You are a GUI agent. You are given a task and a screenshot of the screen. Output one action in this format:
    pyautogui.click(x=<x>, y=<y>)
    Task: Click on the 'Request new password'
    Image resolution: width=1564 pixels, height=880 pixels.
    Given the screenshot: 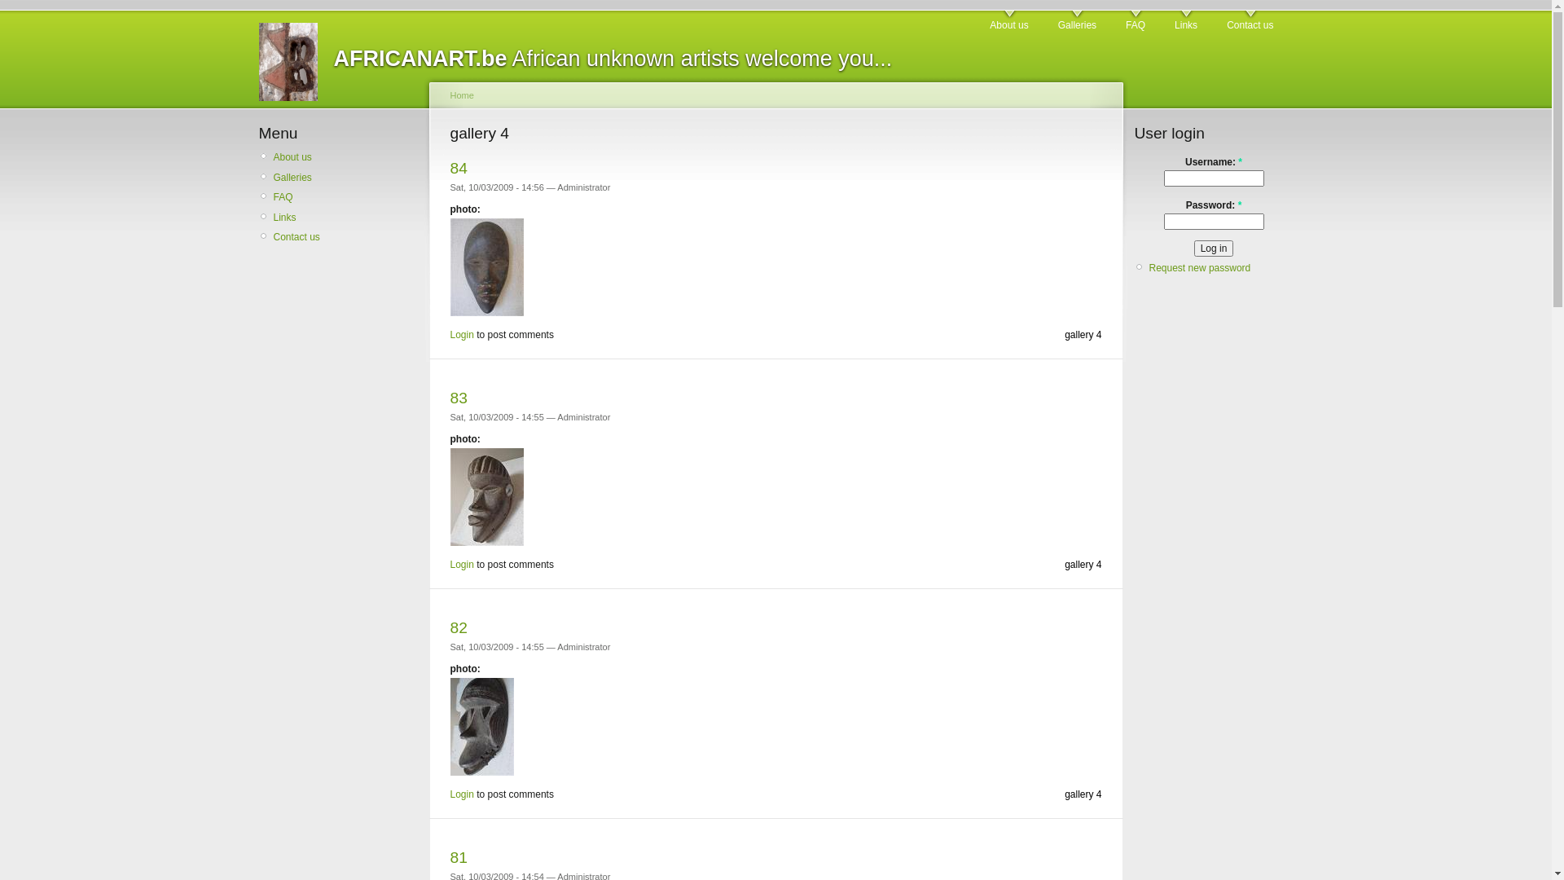 What is the action you would take?
    pyautogui.click(x=1199, y=266)
    